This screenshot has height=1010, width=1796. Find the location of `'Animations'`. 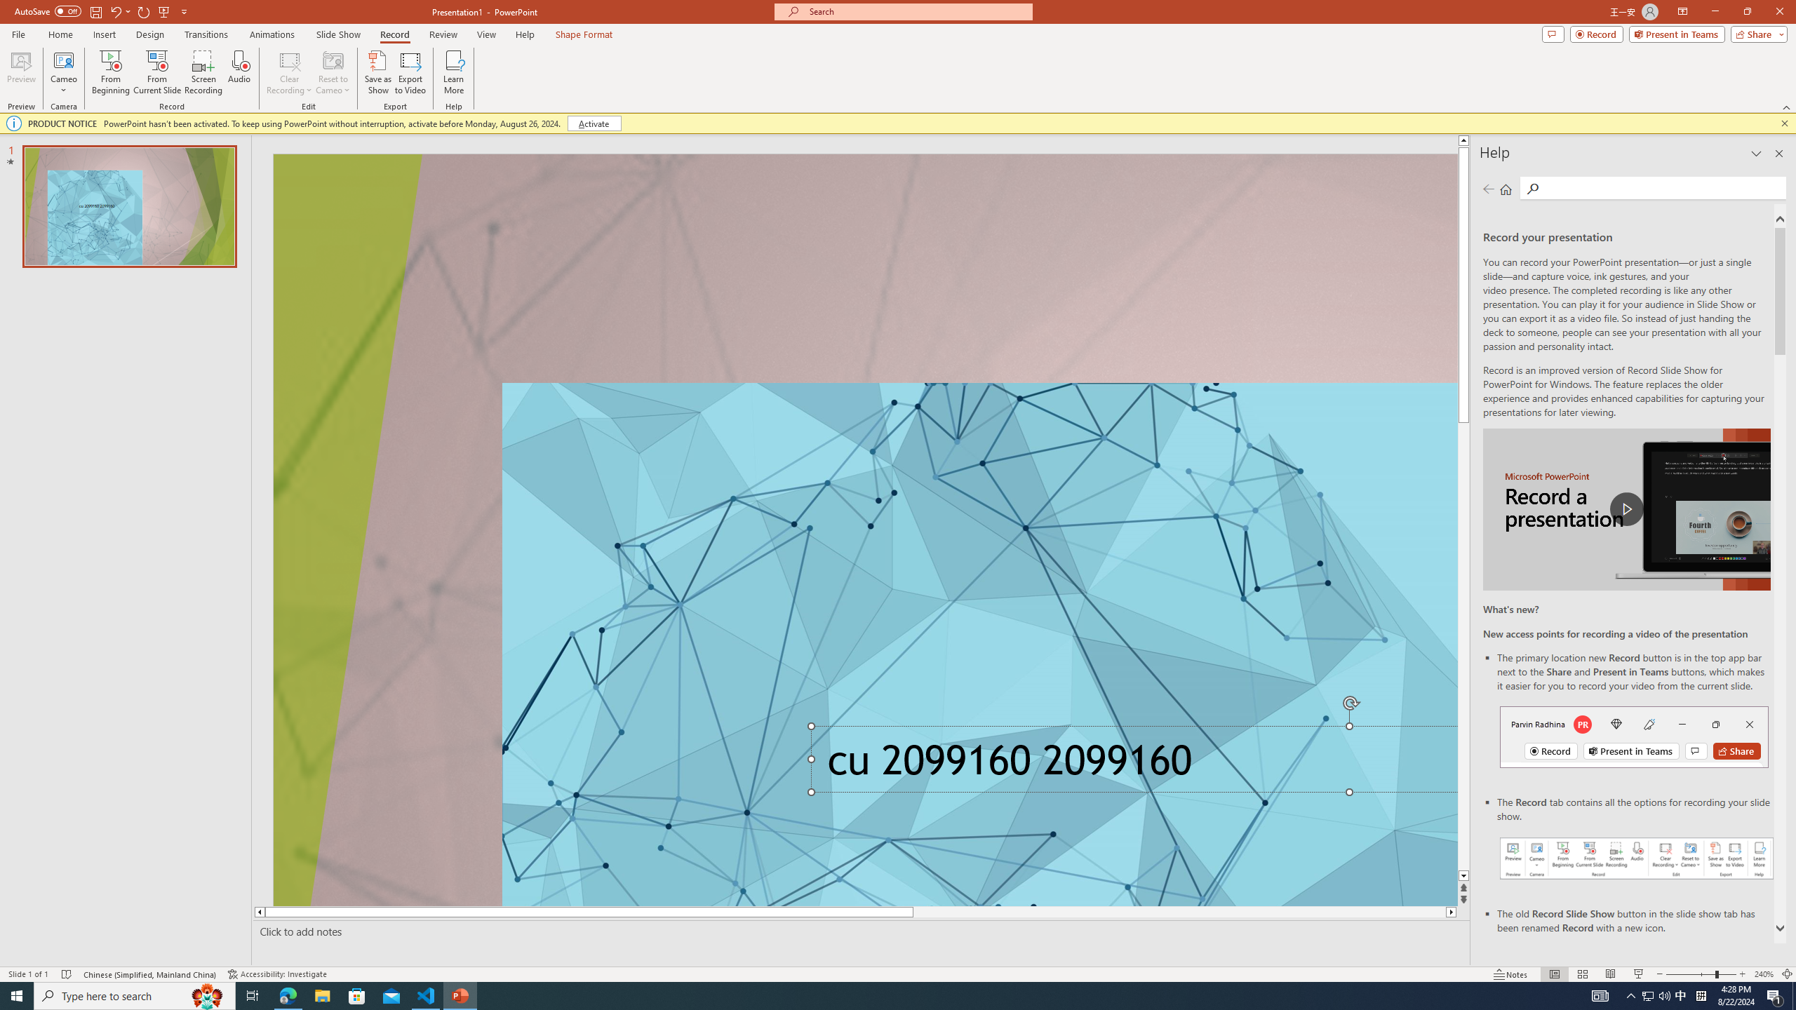

'Animations' is located at coordinates (272, 34).